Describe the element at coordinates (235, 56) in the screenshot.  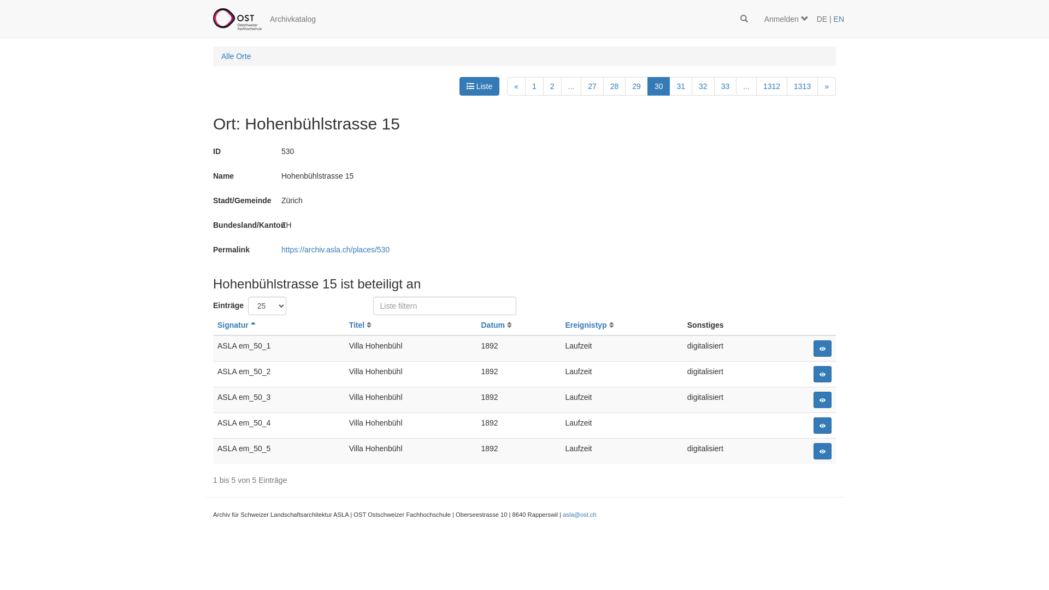
I see `'Alle Orte'` at that location.